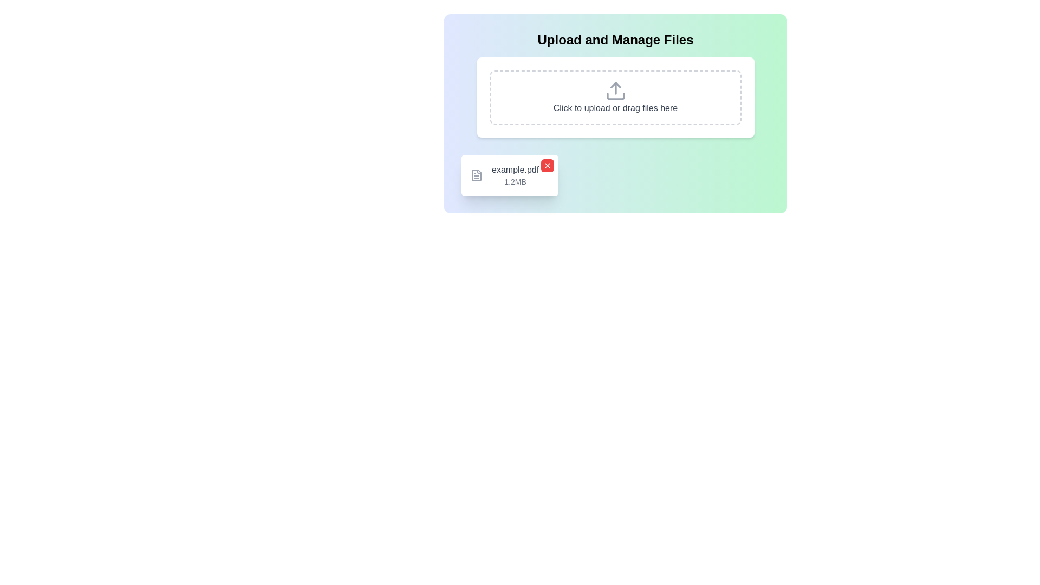  I want to click on files onto the interactive file upload dropzone, which features a dashed border and the text 'Click, so click(615, 97).